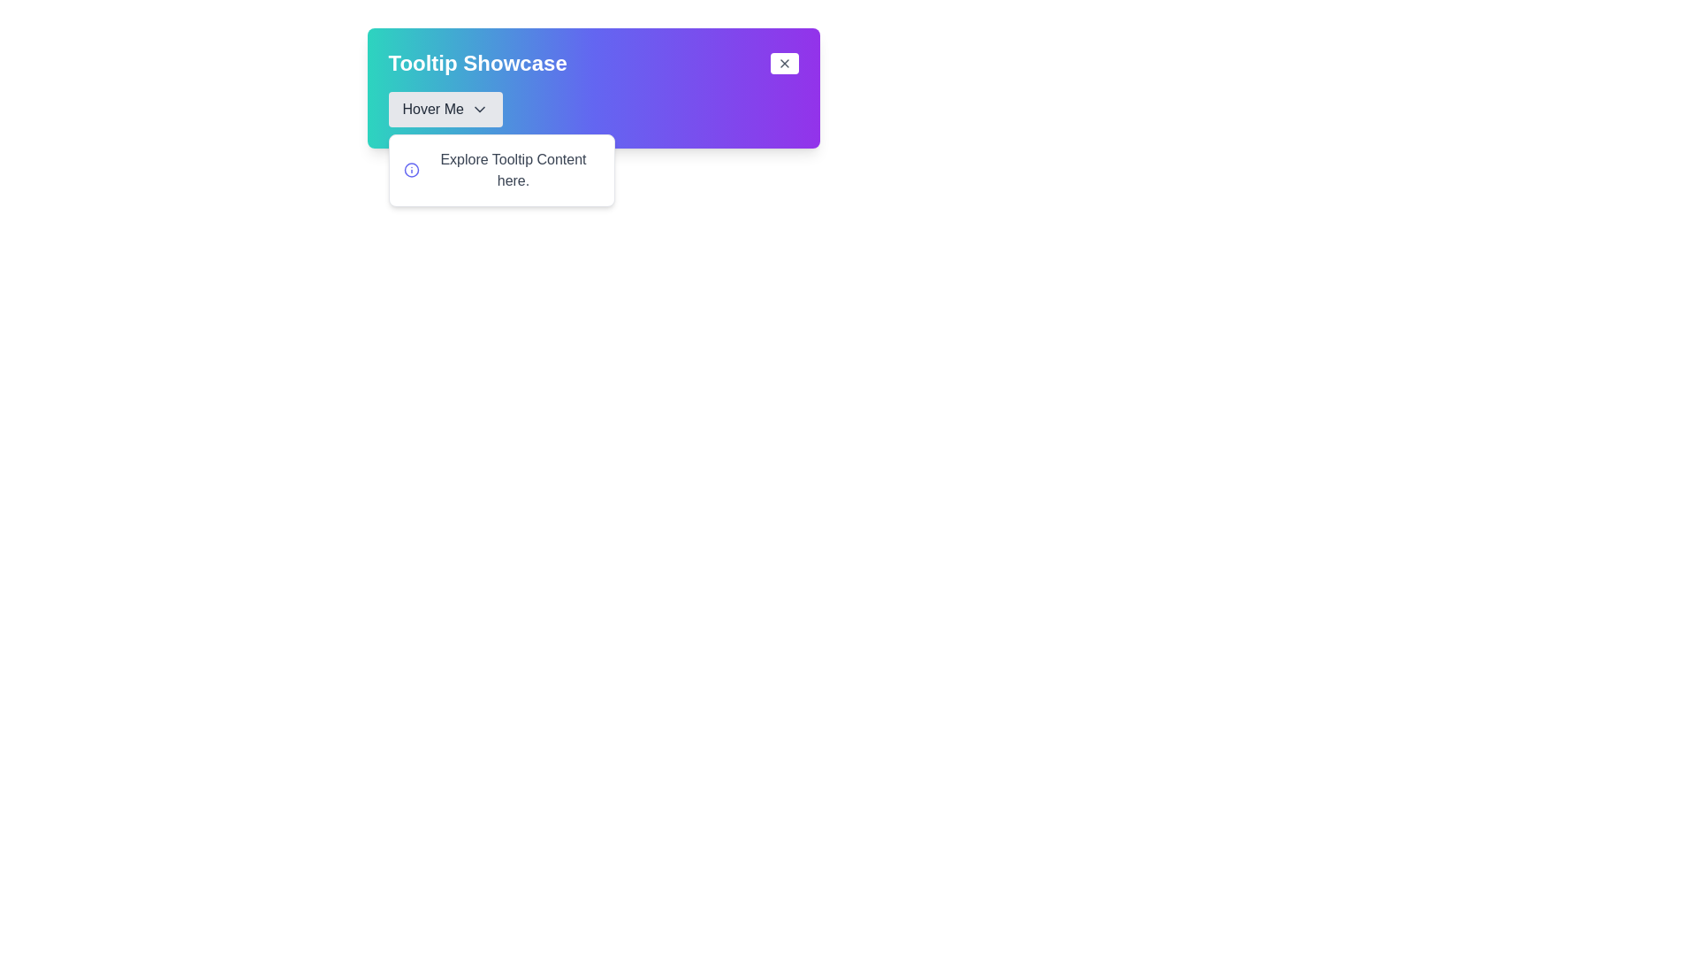 This screenshot has height=955, width=1697. Describe the element at coordinates (477, 63) in the screenshot. I see `the text label styled as a headline with the text 'Tooltip Showcase', which is rendered in a large, bold, white font on a gradient background transitioning from teal to purple` at that location.